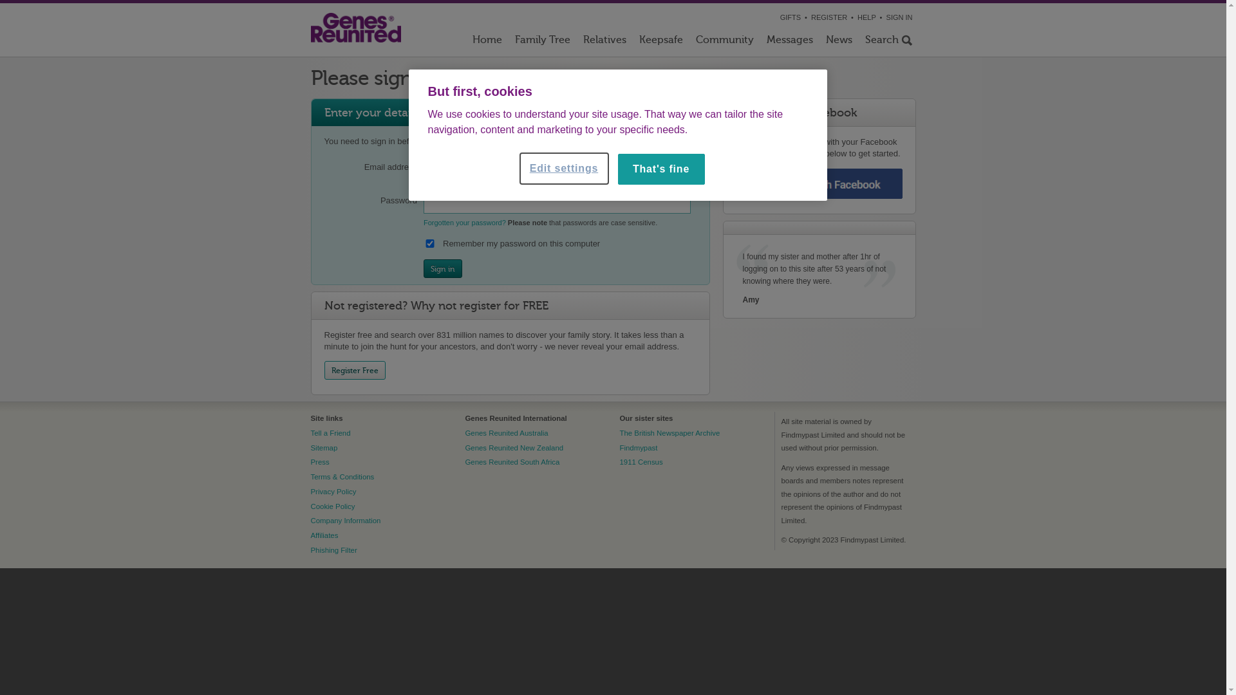 The image size is (1236, 695). What do you see at coordinates (505, 432) in the screenshot?
I see `'Genes Reunited Australia'` at bounding box center [505, 432].